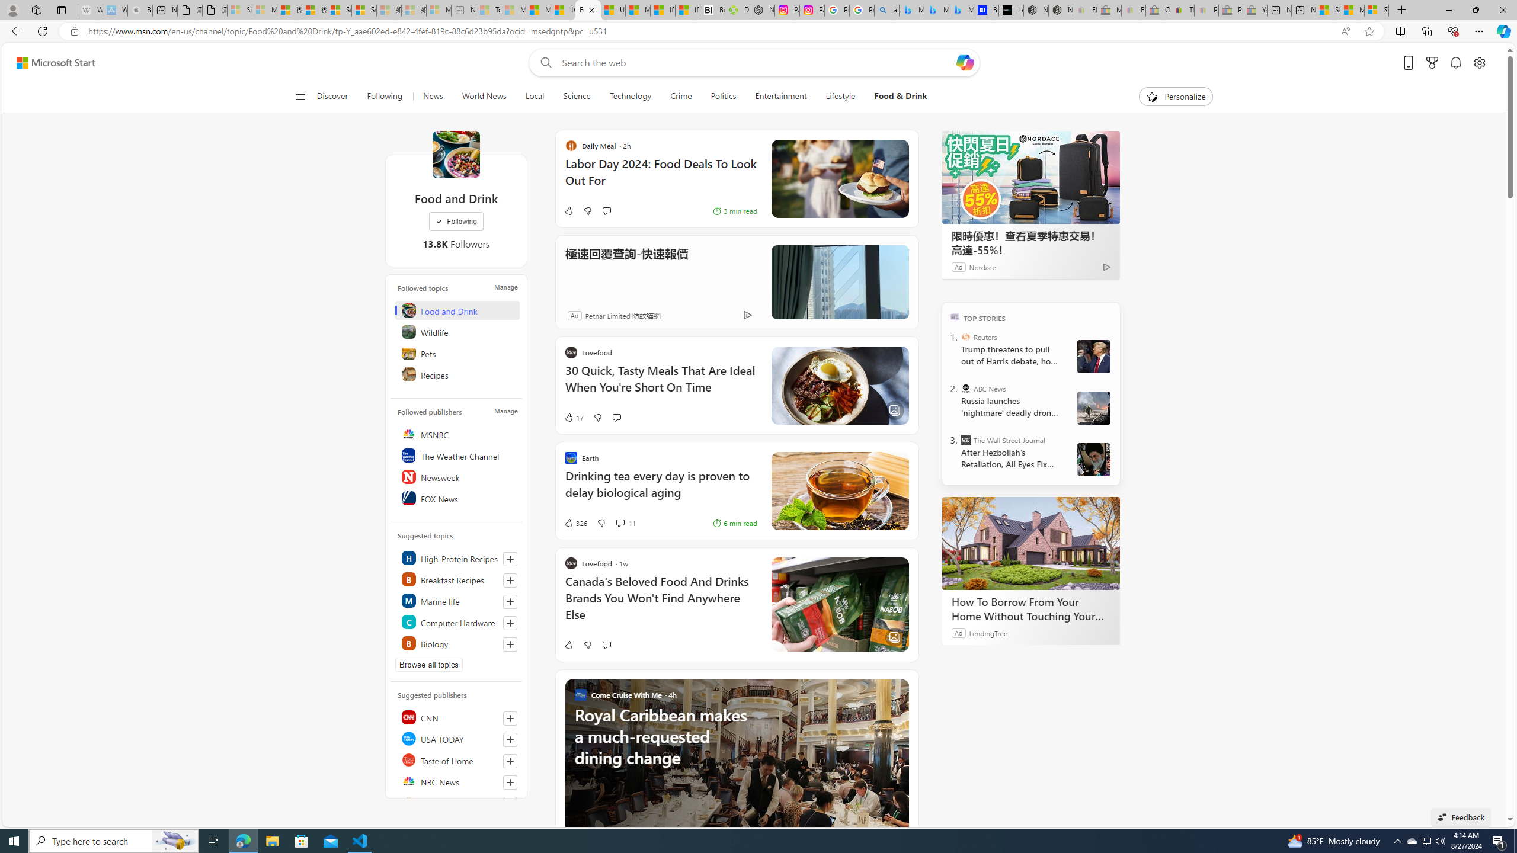  What do you see at coordinates (510, 803) in the screenshot?
I see `'Follow this source'` at bounding box center [510, 803].